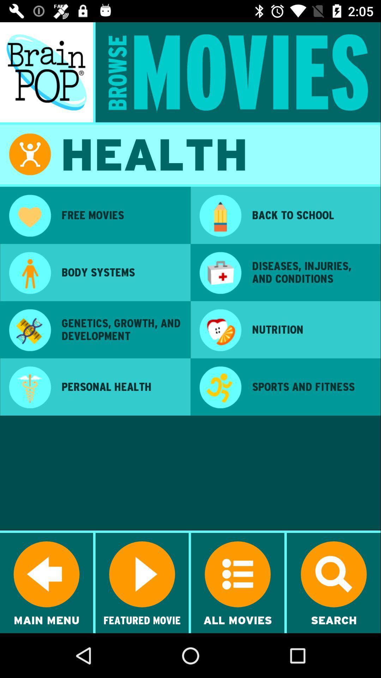  I want to click on the icon below sports and fitness item, so click(311, 444).